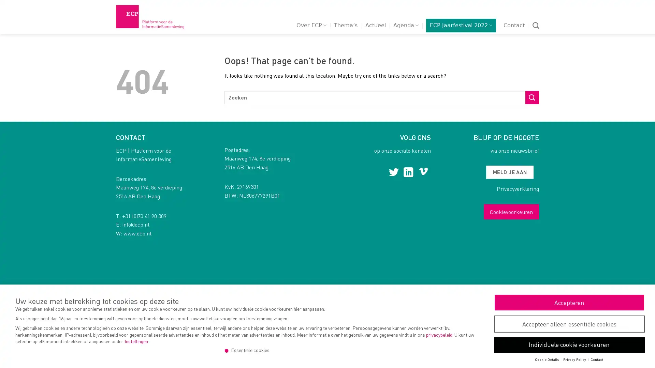 Image resolution: width=655 pixels, height=368 pixels. Describe the element at coordinates (569, 344) in the screenshot. I see `Individuele cookie voorkeuren` at that location.